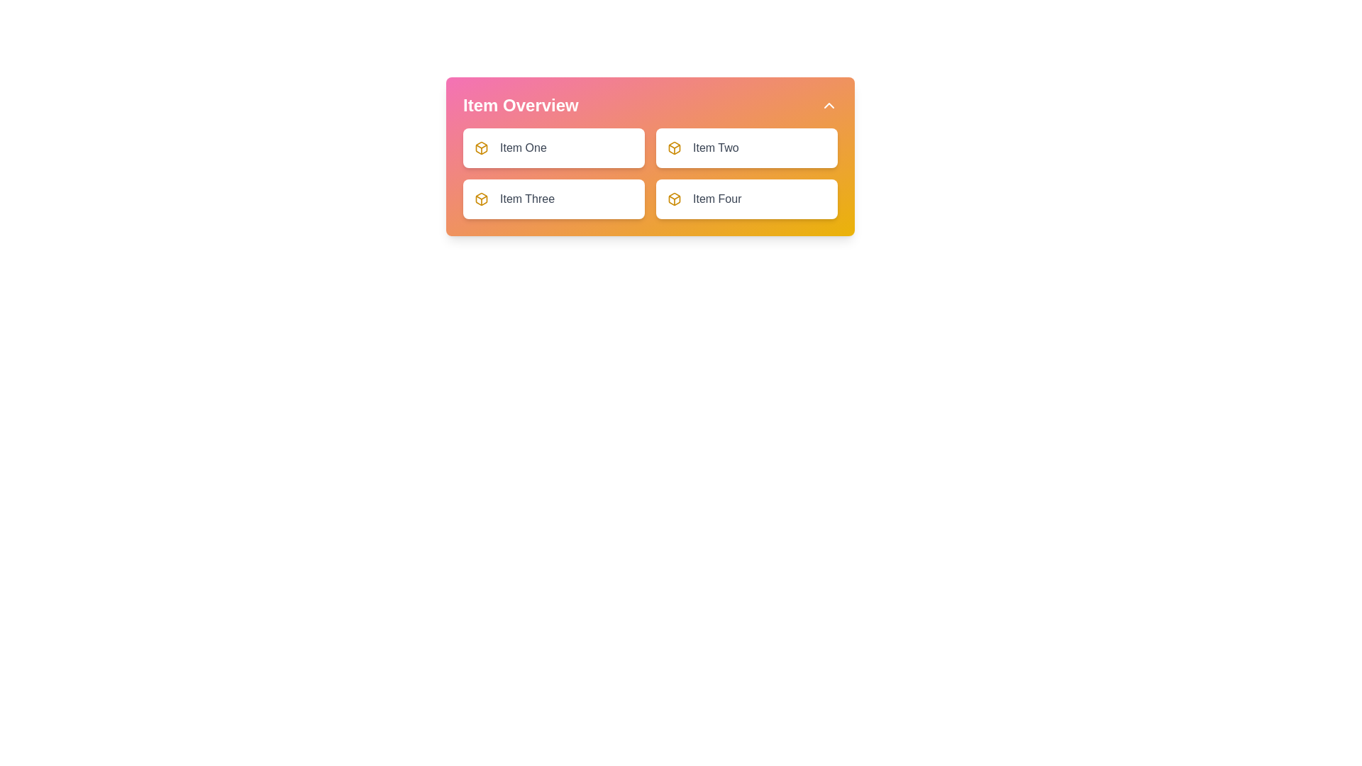 The height and width of the screenshot is (766, 1362). What do you see at coordinates (673, 148) in the screenshot?
I see `the decorative icon for the 'Item Two' button located in the top-right position of the second button in the right column of the 'Item Overview' section` at bounding box center [673, 148].